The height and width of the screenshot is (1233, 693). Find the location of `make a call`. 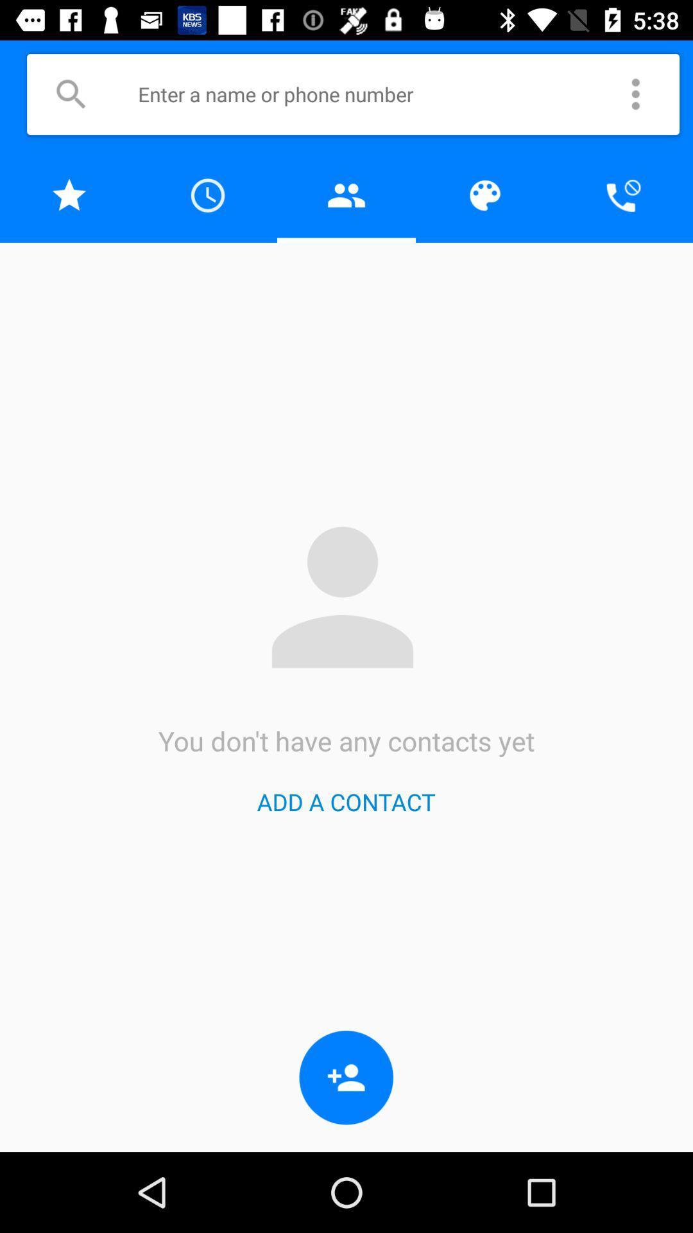

make a call is located at coordinates (623, 195).